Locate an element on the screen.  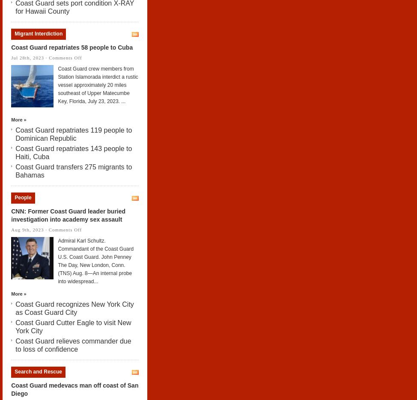
'Coast Guard repatriates 119 people to Dominican Republic' is located at coordinates (74, 134).